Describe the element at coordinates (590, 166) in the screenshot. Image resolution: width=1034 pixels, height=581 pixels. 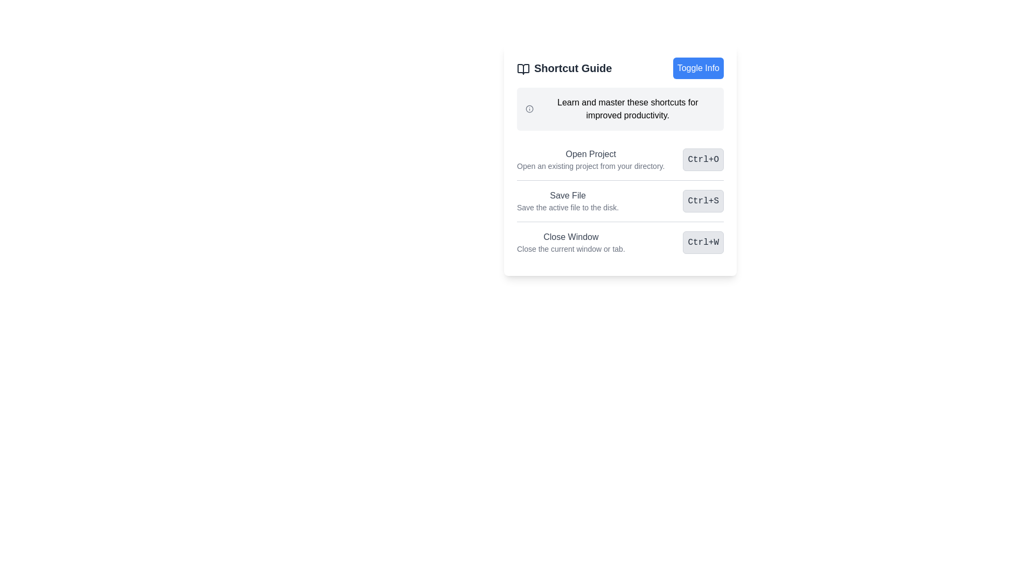
I see `the descriptive text labeled 'Open an existing project from your directory.' which is styled in gray and positioned directly below the 'Open Project' title` at that location.